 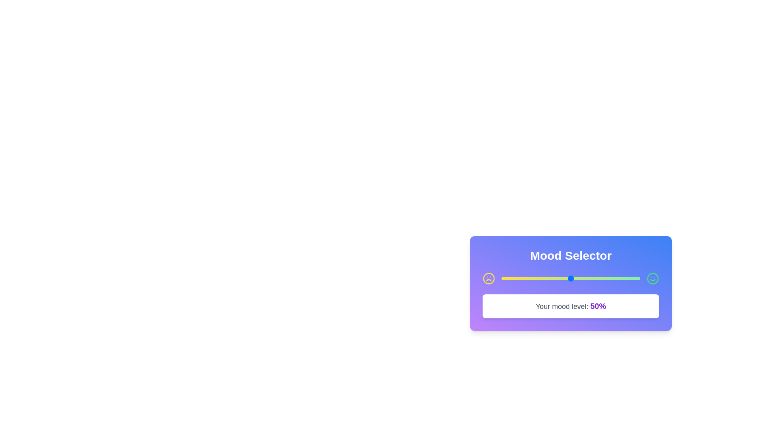 I want to click on the mood slider to set the mood value to 69, so click(x=597, y=278).